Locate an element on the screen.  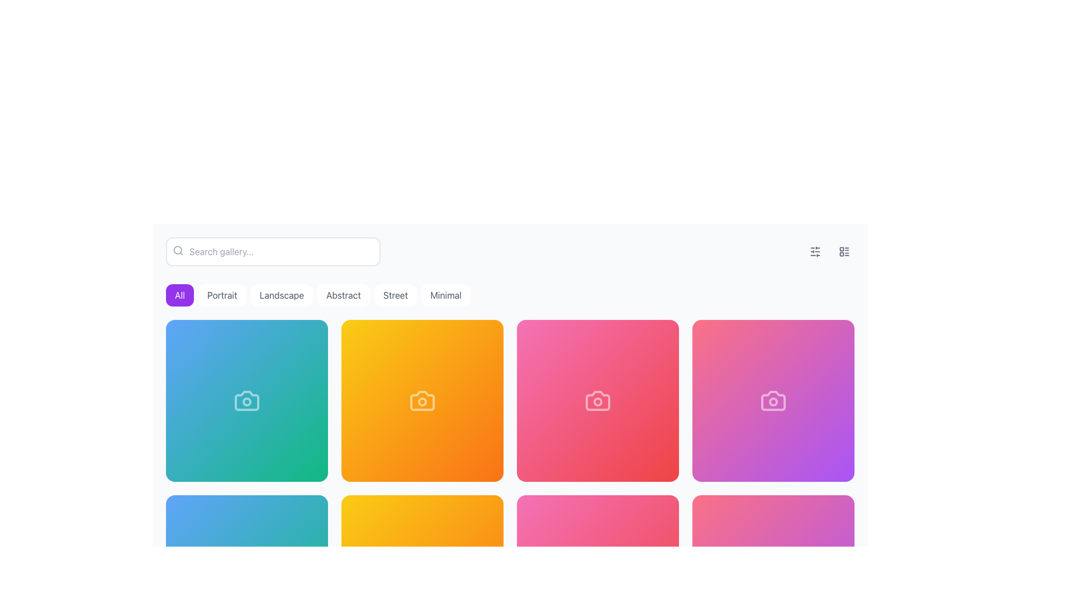
the photography icon located in the last column of the second row of the gallery layout, which serves as a visual indicator for image-based functionalities is located at coordinates (772, 400).